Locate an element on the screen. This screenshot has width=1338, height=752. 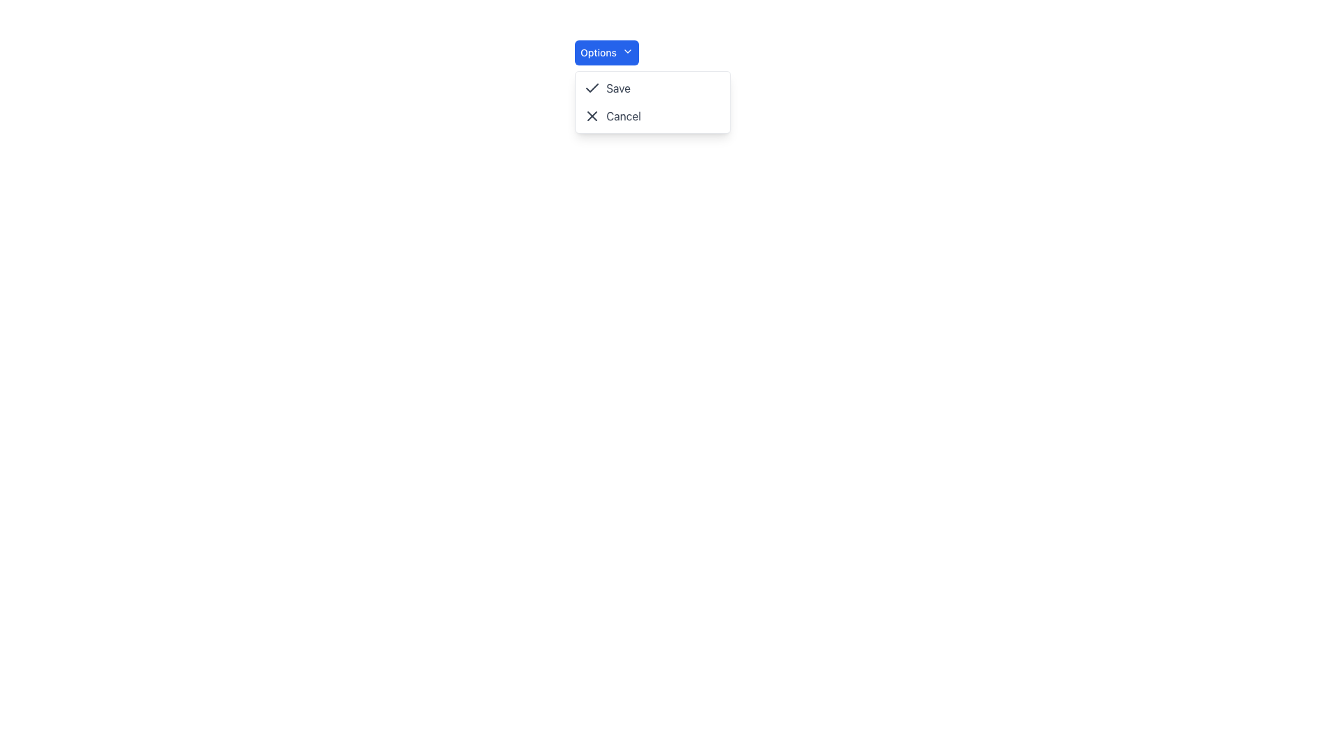
the 'Cancel' option in the dropdown menu, which is positioned below the 'Options' button and contains two options labeled 'Save' and 'Cancel' is located at coordinates (652, 101).